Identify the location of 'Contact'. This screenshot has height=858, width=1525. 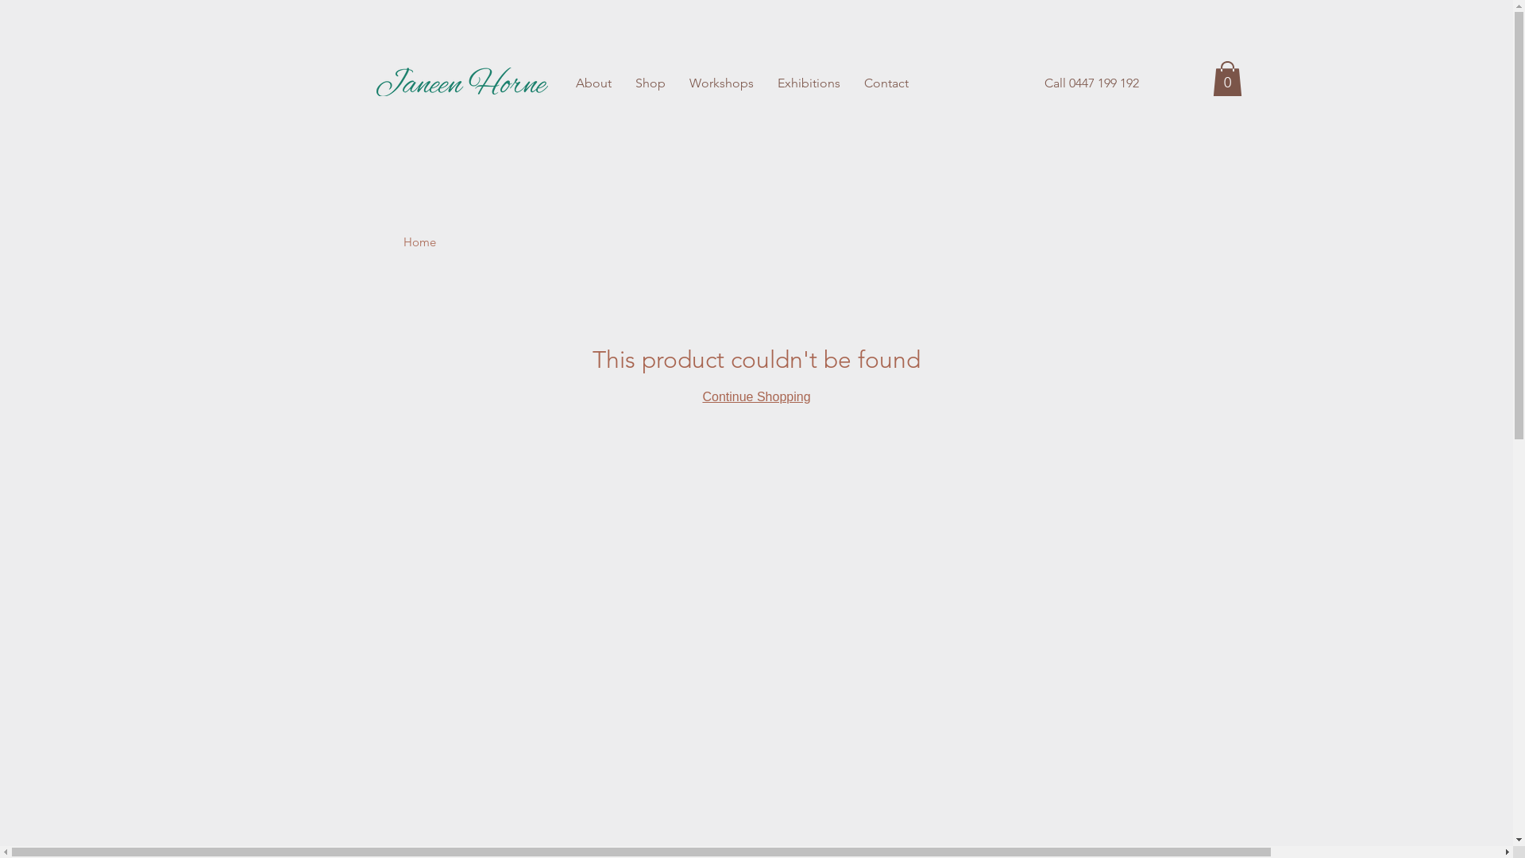
(850, 83).